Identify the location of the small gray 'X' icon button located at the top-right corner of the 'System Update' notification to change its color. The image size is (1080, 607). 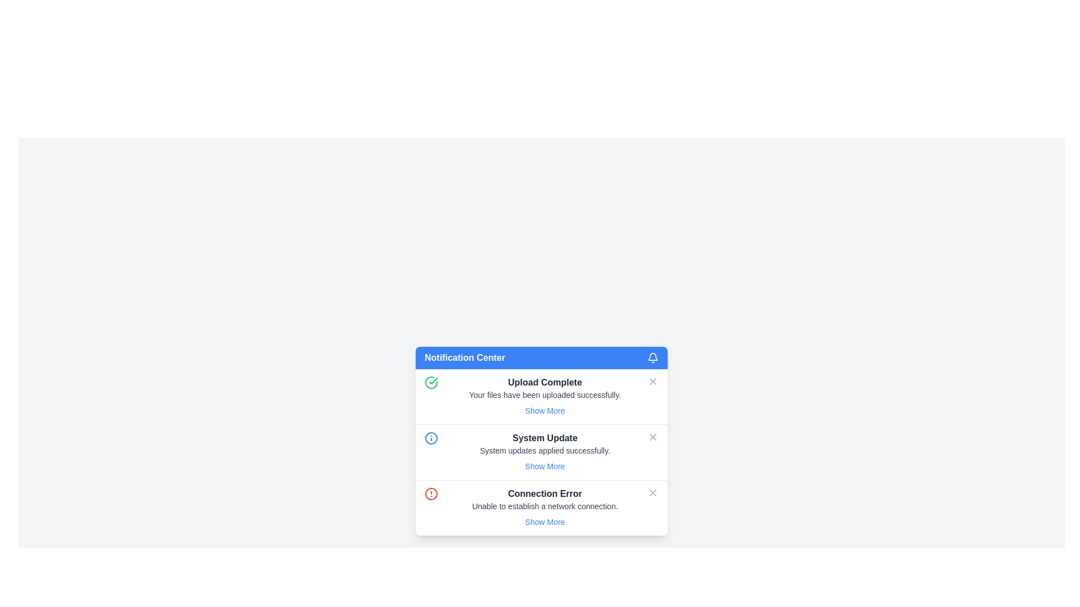
(653, 437).